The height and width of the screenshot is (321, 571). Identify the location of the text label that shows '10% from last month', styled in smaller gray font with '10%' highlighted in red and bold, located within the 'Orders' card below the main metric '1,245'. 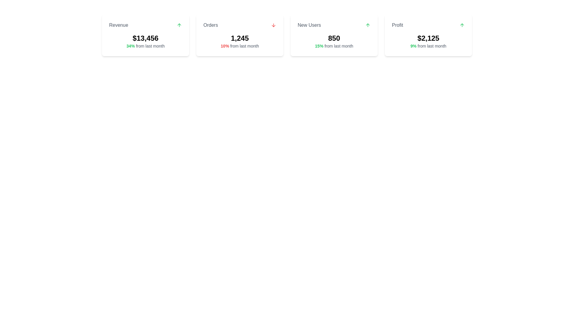
(240, 45).